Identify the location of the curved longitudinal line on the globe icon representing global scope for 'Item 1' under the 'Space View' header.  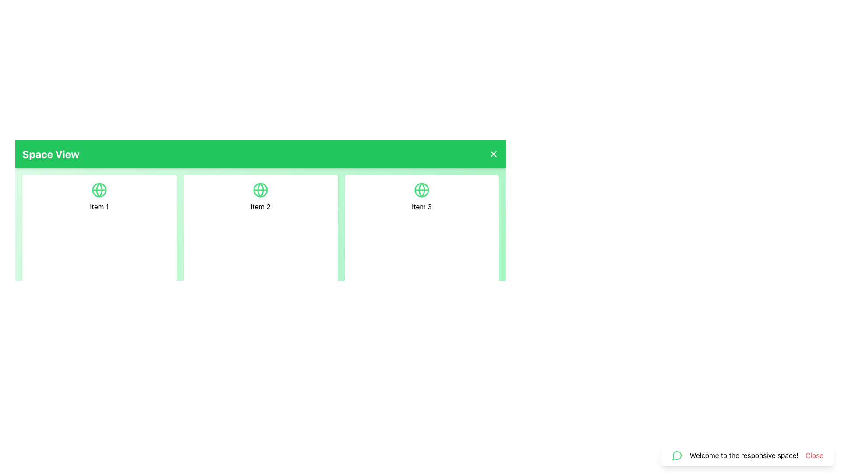
(99, 190).